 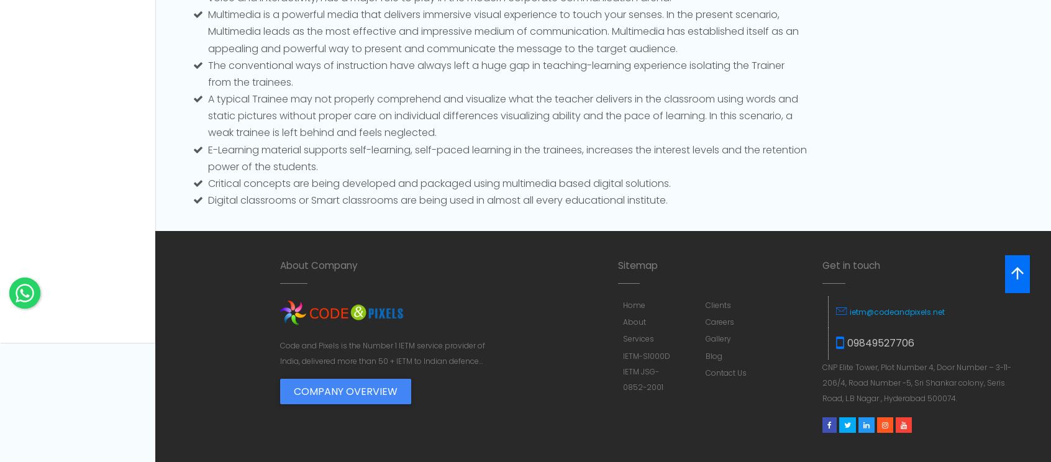 What do you see at coordinates (622, 304) in the screenshot?
I see `'Home'` at bounding box center [622, 304].